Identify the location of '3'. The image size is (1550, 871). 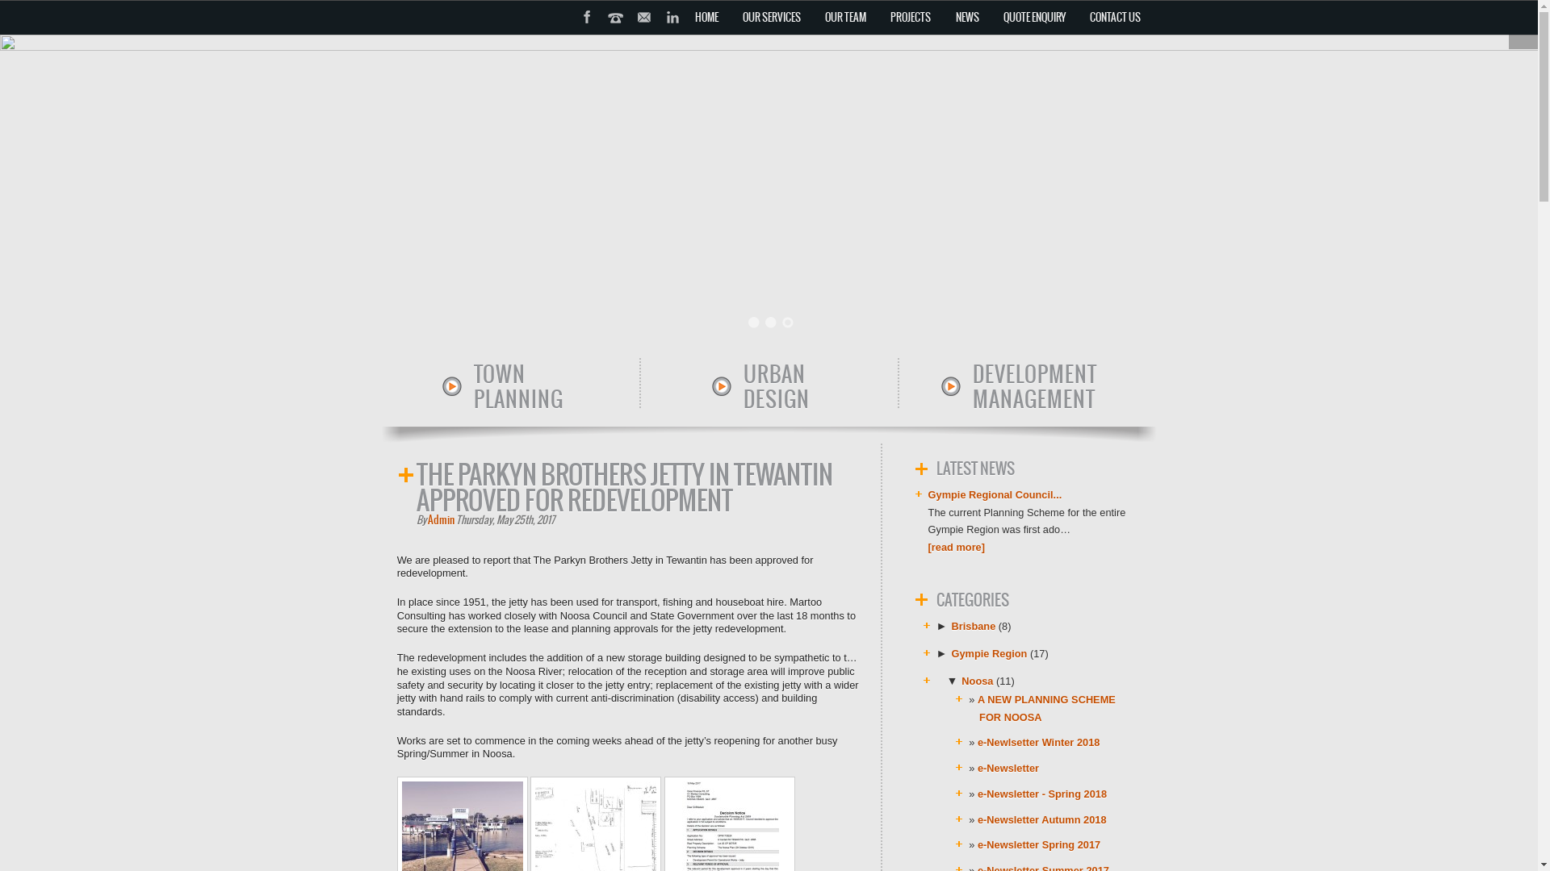
(787, 323).